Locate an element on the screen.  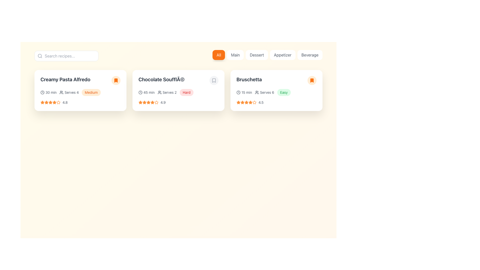
text of the difficulty level tag located at the bottom right of the 'Creamy Pasta Alfredo' card, which is the third element following the tags for '30 min' and 'Serves 4' is located at coordinates (91, 92).